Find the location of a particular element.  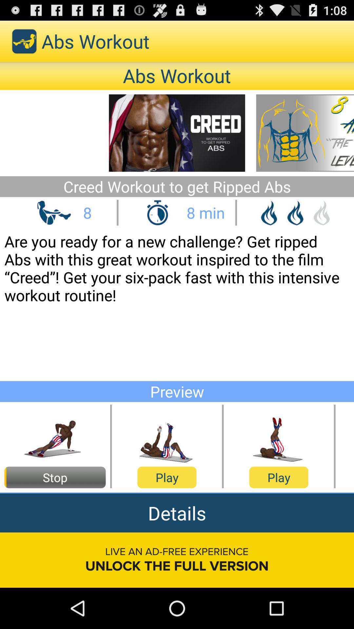

stop is located at coordinates (55, 477).